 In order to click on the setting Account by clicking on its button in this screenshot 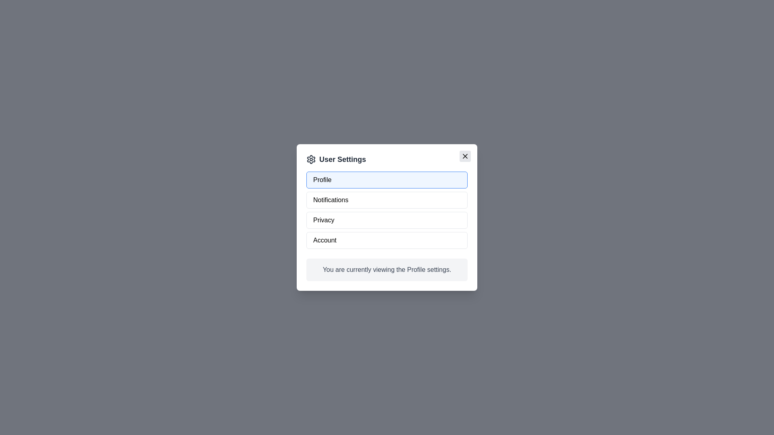, I will do `click(387, 240)`.